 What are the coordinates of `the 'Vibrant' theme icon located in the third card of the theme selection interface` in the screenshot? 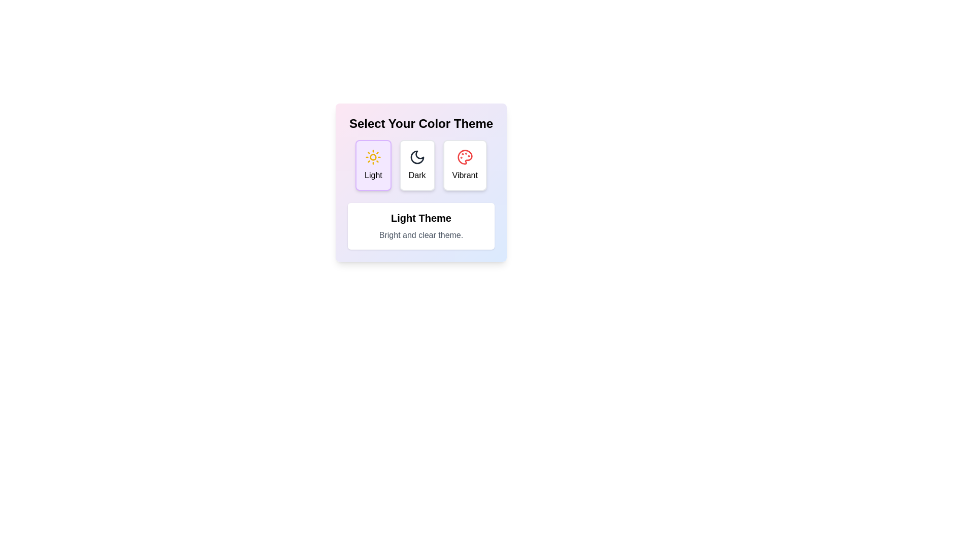 It's located at (464, 157).